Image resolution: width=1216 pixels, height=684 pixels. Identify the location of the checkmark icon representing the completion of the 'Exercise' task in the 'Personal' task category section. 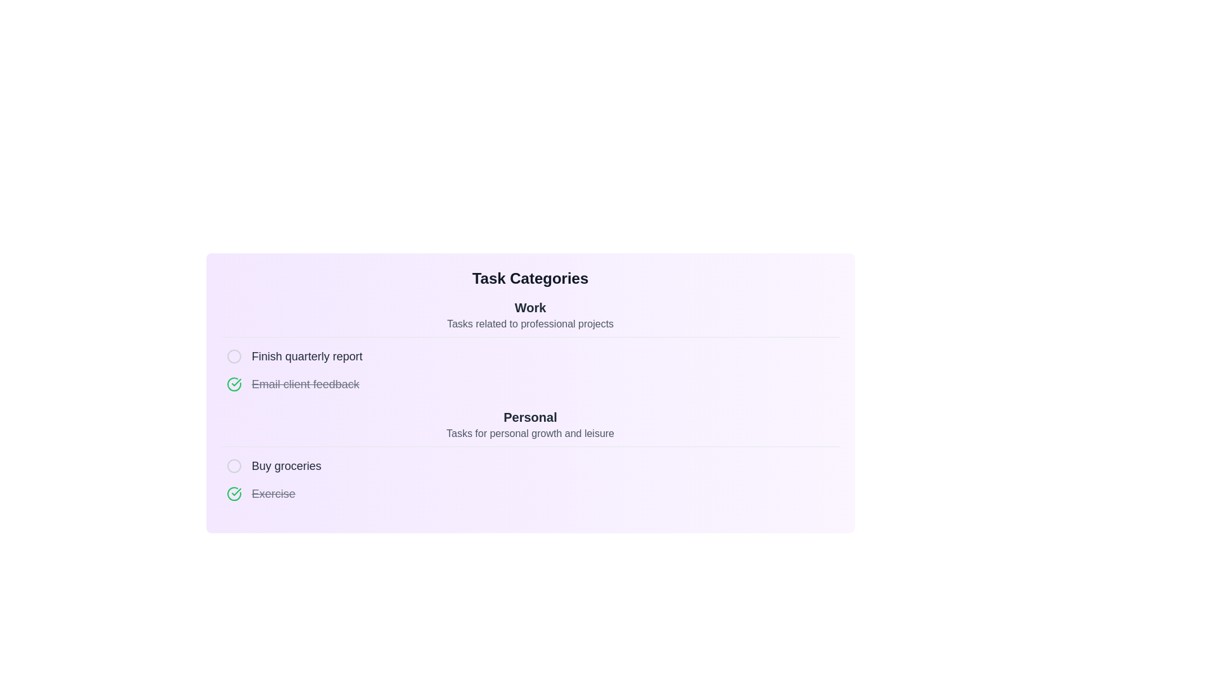
(236, 382).